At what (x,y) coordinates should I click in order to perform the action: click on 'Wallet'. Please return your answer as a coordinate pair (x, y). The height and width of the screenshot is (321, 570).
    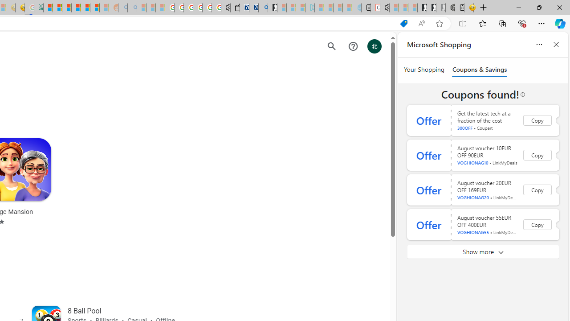
    Looking at the image, I should click on (235, 8).